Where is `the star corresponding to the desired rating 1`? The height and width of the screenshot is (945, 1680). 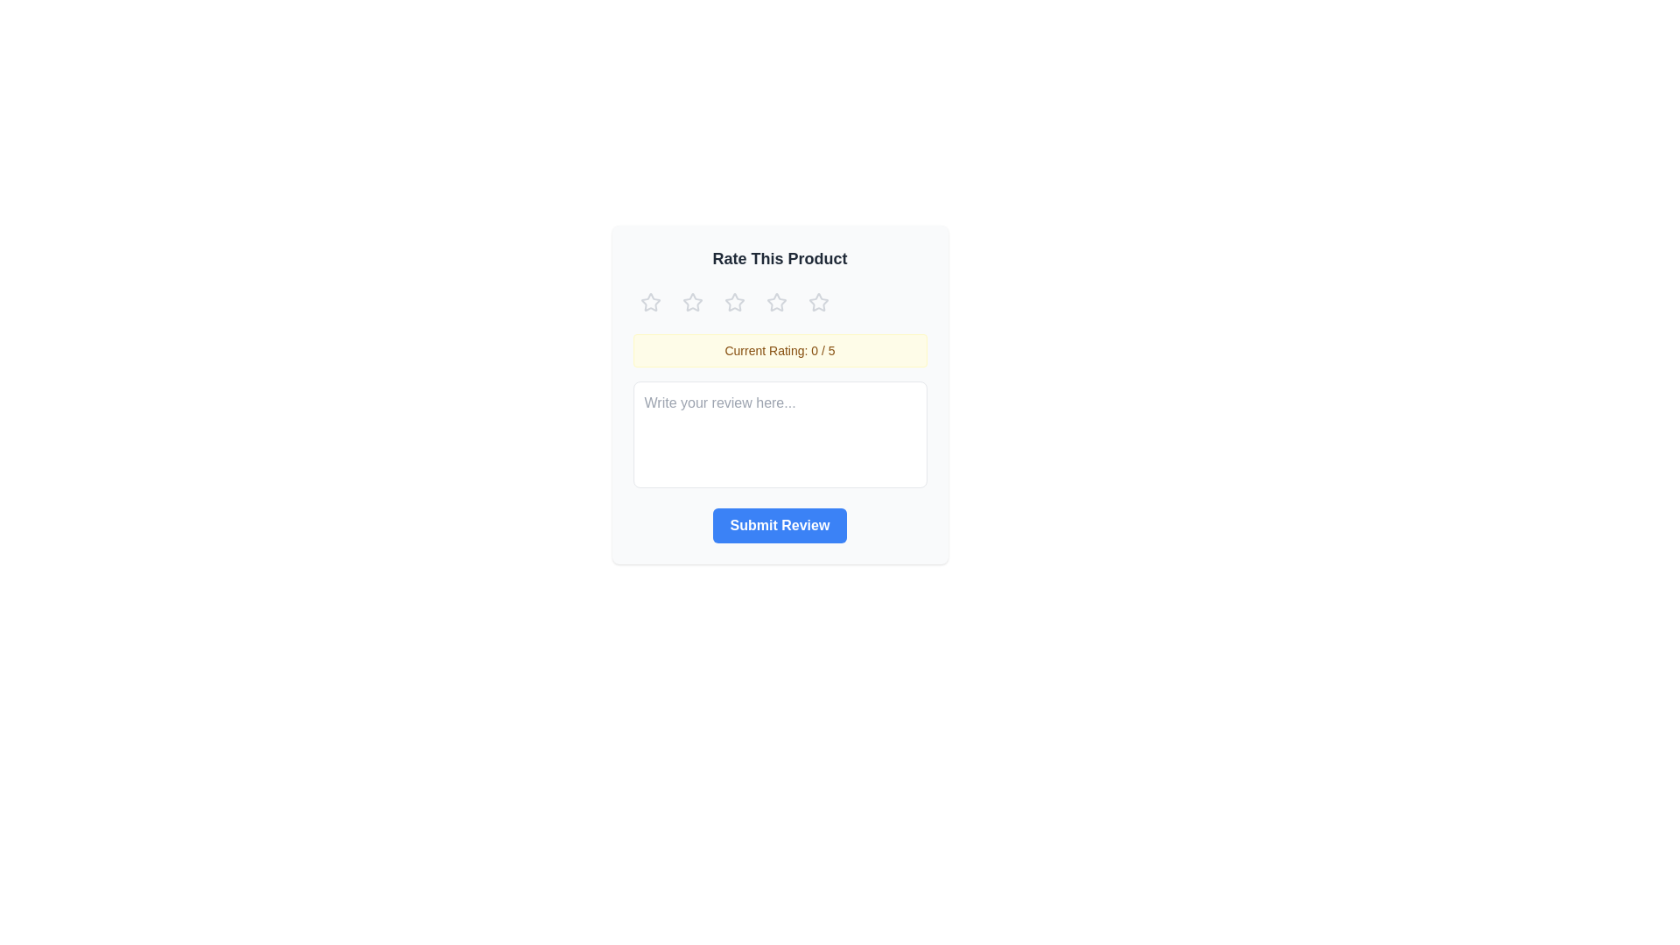 the star corresponding to the desired rating 1 is located at coordinates (649, 302).